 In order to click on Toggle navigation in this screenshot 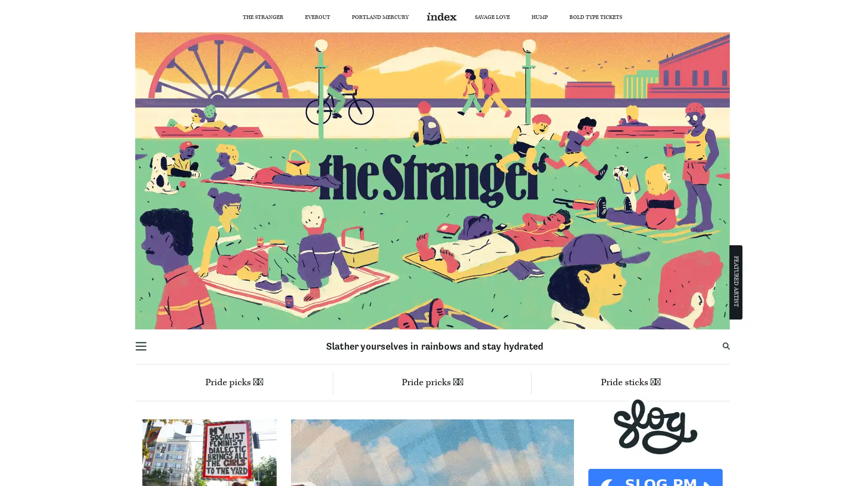, I will do `click(140, 346)`.